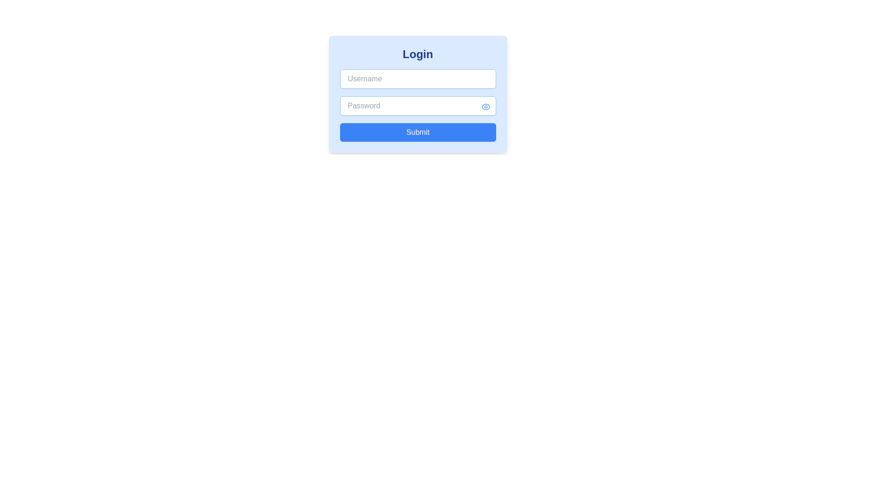 Image resolution: width=892 pixels, height=502 pixels. I want to click on the text input field located in the middle section of the login form that features rounded borders and a light background, positioned below the 'Username' field and above the 'Submit' button, so click(417, 94).